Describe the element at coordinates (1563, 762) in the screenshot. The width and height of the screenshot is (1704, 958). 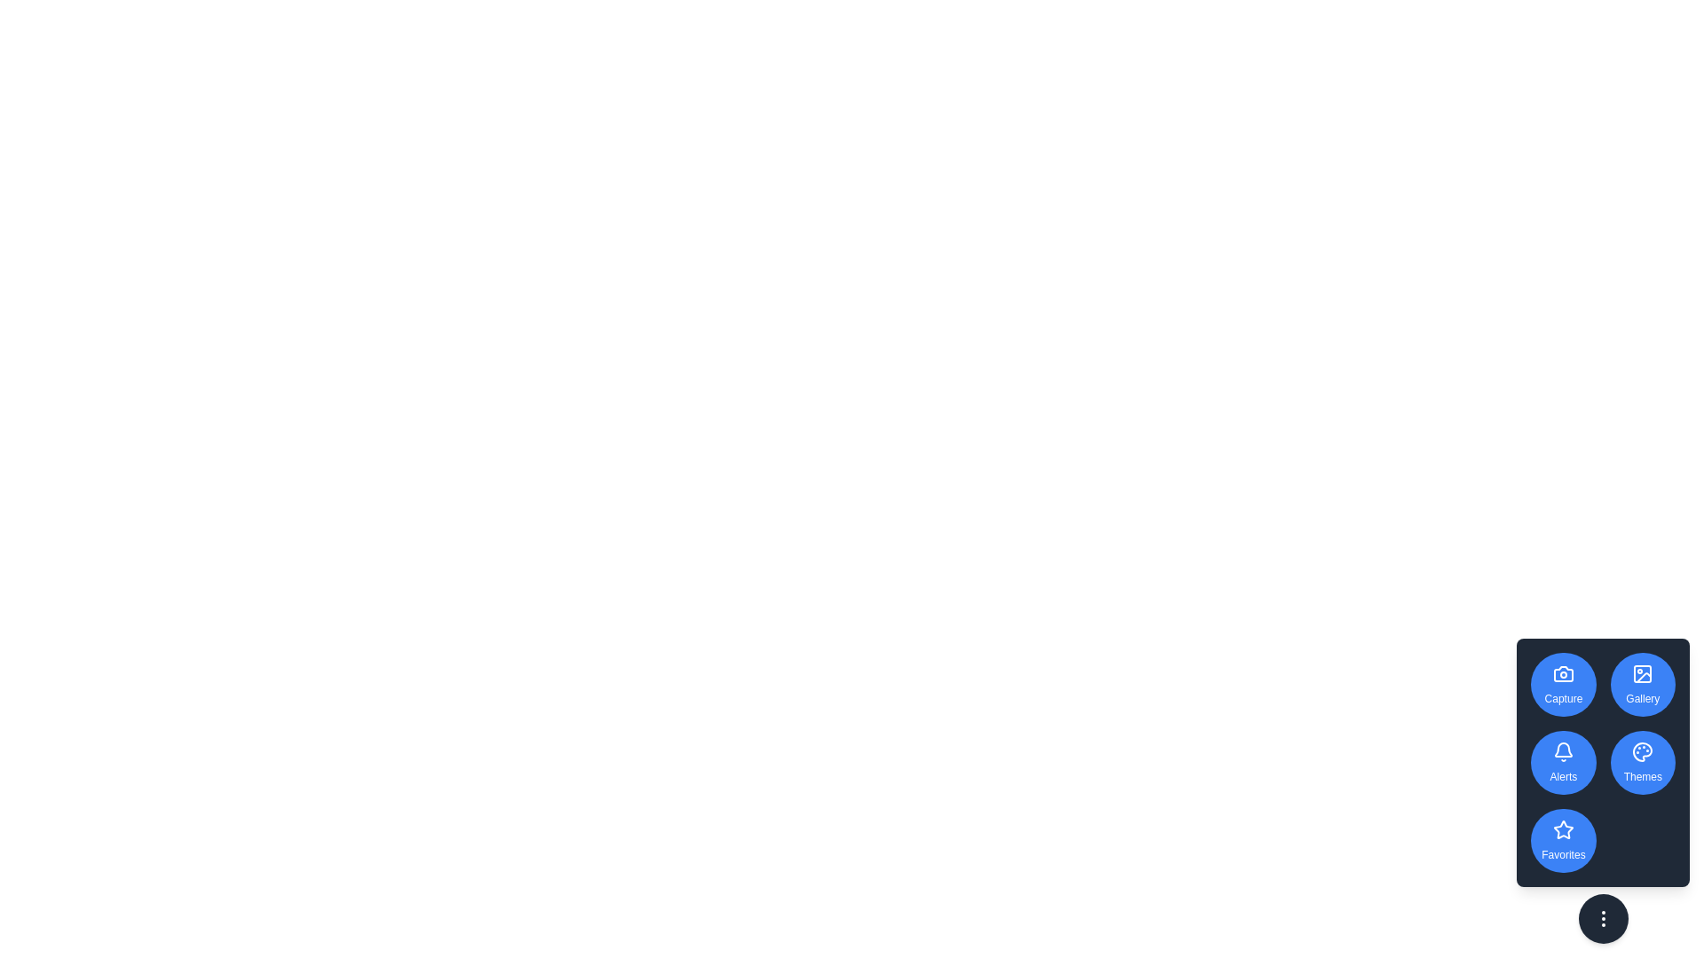
I see `'Alerts' button to view alert notifications` at that location.